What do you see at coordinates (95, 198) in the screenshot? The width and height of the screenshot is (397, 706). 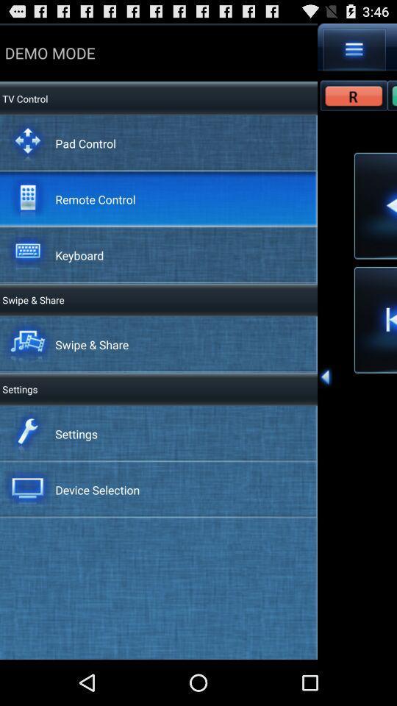 I see `remote control icon` at bounding box center [95, 198].